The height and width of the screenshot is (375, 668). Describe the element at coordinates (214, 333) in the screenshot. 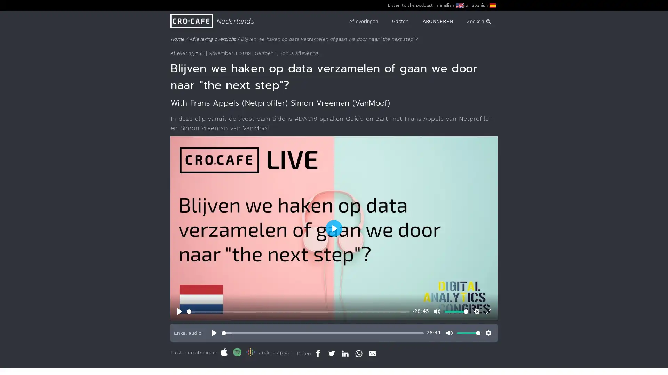

I see `Play` at that location.